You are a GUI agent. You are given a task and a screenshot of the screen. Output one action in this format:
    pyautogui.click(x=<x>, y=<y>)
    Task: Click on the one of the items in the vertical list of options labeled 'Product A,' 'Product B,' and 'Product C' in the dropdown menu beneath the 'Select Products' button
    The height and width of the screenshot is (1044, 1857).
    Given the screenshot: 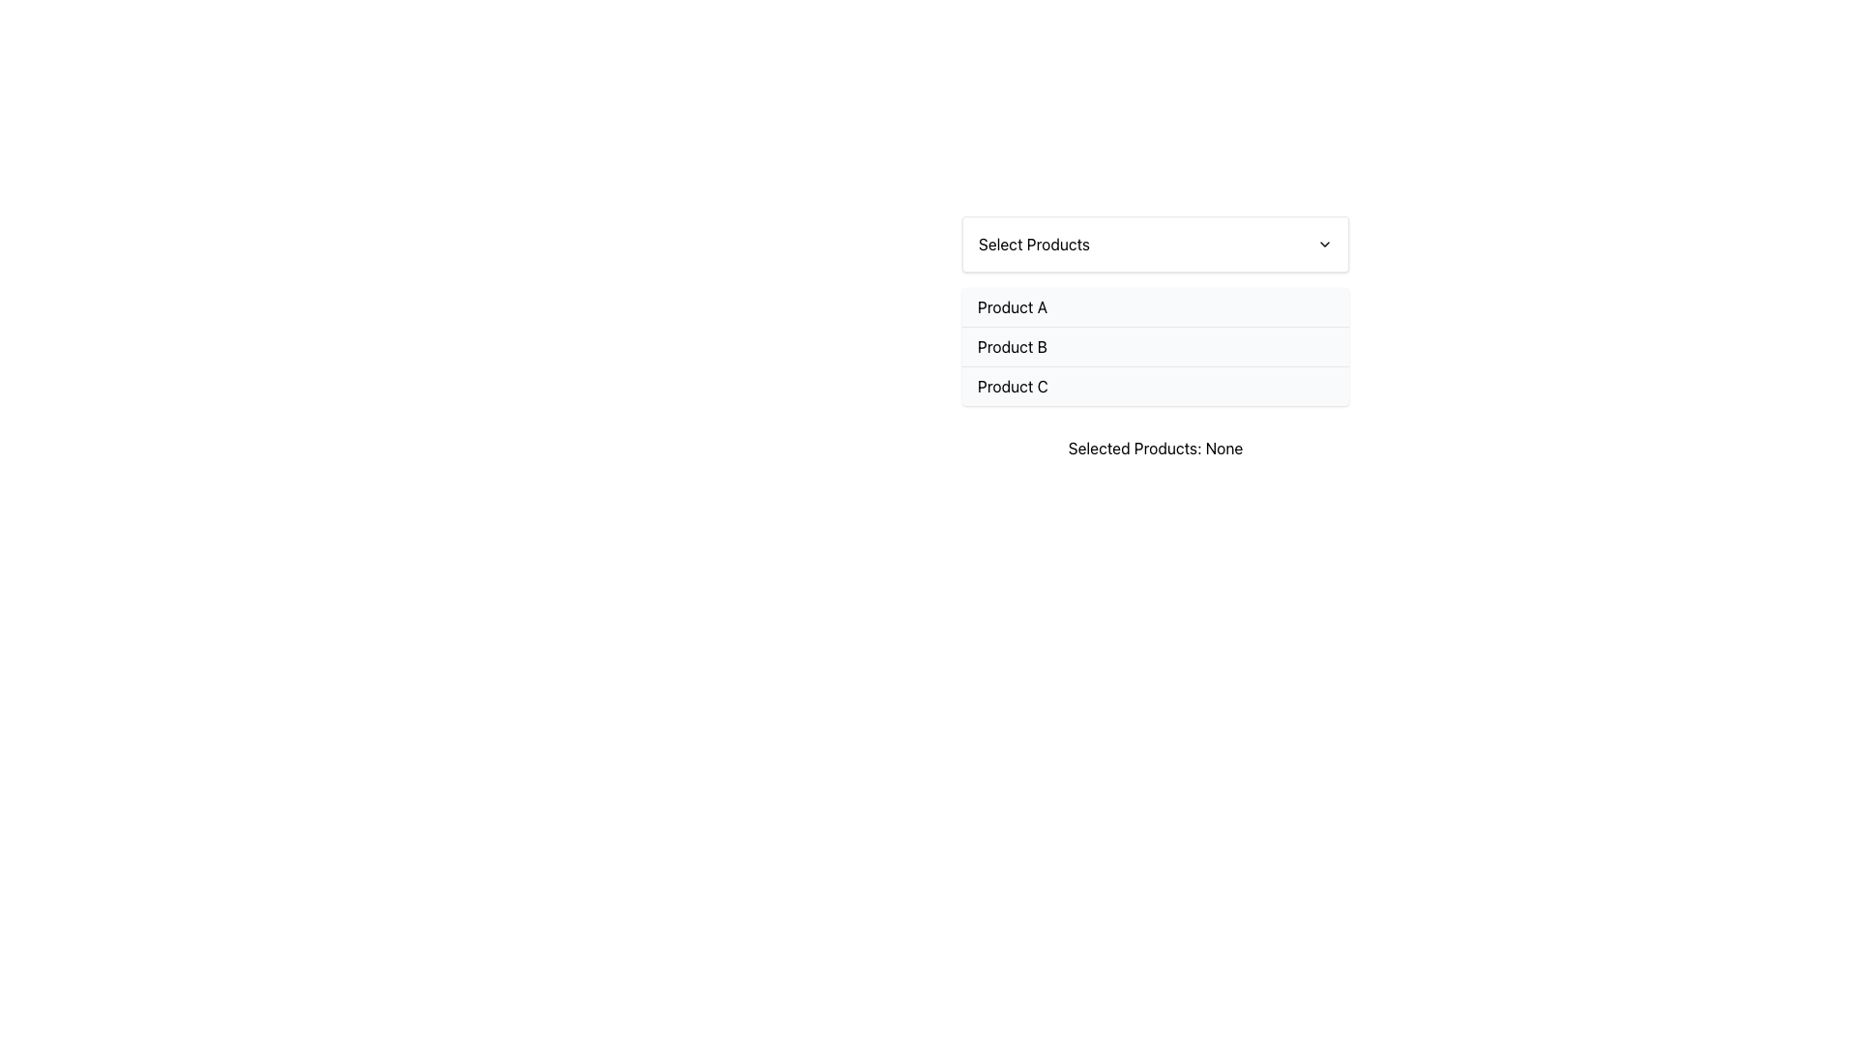 What is the action you would take?
    pyautogui.click(x=1156, y=345)
    